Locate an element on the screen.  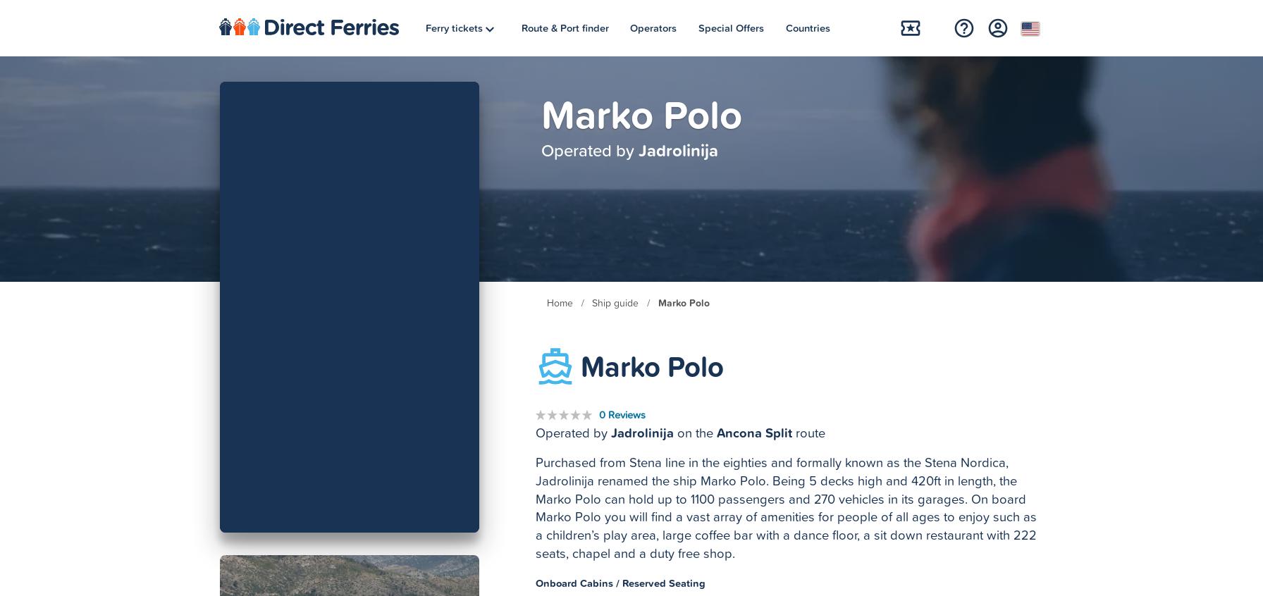
'Onboard Cabins / Reserved Seating' is located at coordinates (620, 582).